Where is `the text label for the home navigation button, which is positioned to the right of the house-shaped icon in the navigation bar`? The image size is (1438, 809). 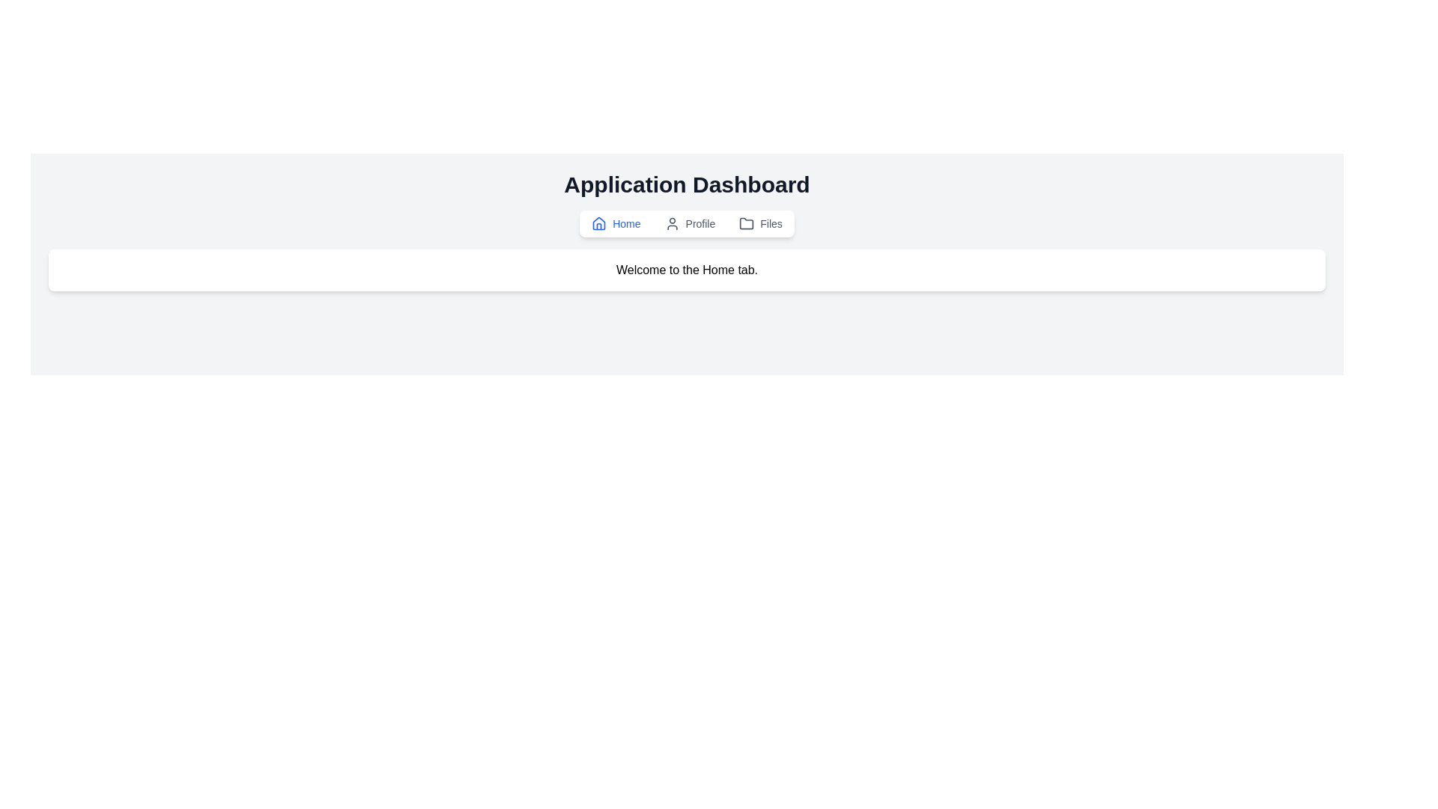 the text label for the home navigation button, which is positioned to the right of the house-shaped icon in the navigation bar is located at coordinates (626, 224).